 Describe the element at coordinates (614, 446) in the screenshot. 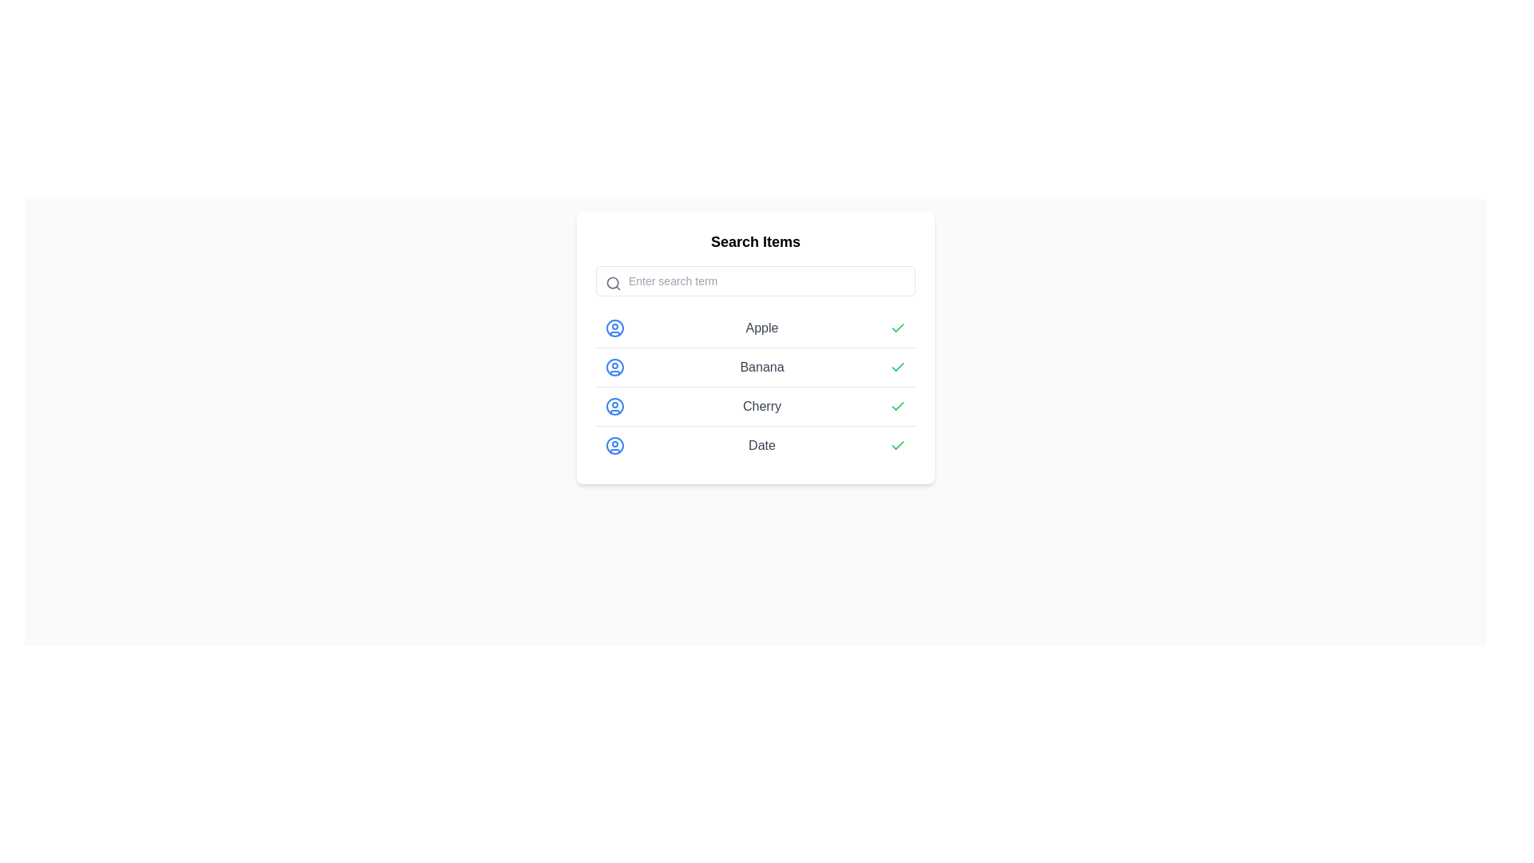

I see `the Circular border element in the SVG icon located in the fourth row, which visually signifies user-related data, to indicate its distinct association with the row` at that location.